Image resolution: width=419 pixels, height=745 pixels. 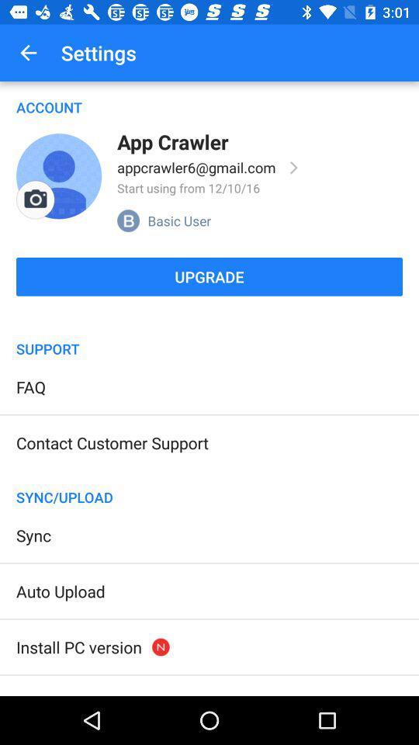 I want to click on the item below faq, so click(x=111, y=442).